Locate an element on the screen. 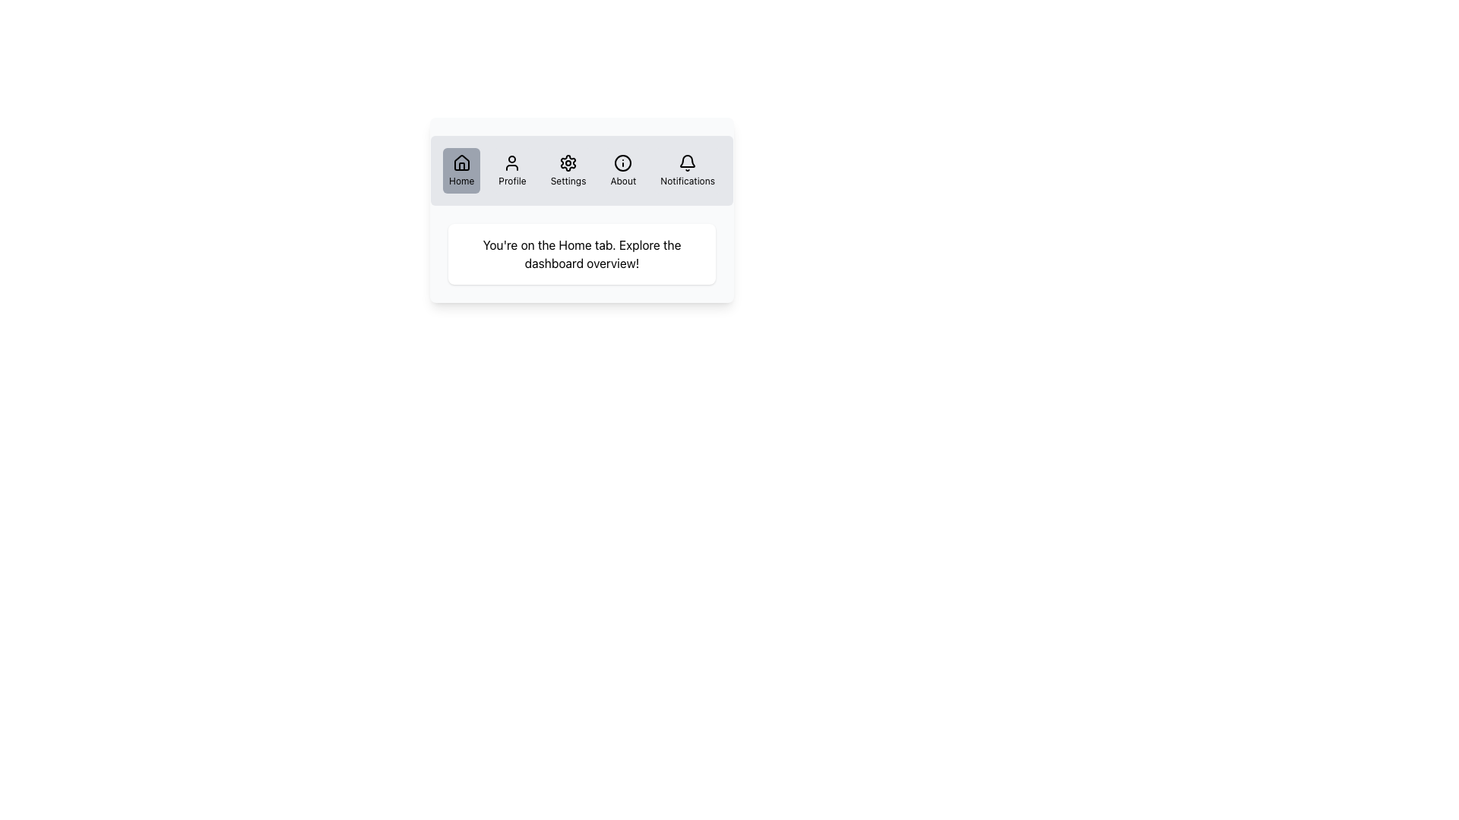 Image resolution: width=1459 pixels, height=820 pixels. the 'Profile' icon located in the navigation bar, which is the leftmost part of the 'Profile' option and positioned second from the left is located at coordinates (512, 163).